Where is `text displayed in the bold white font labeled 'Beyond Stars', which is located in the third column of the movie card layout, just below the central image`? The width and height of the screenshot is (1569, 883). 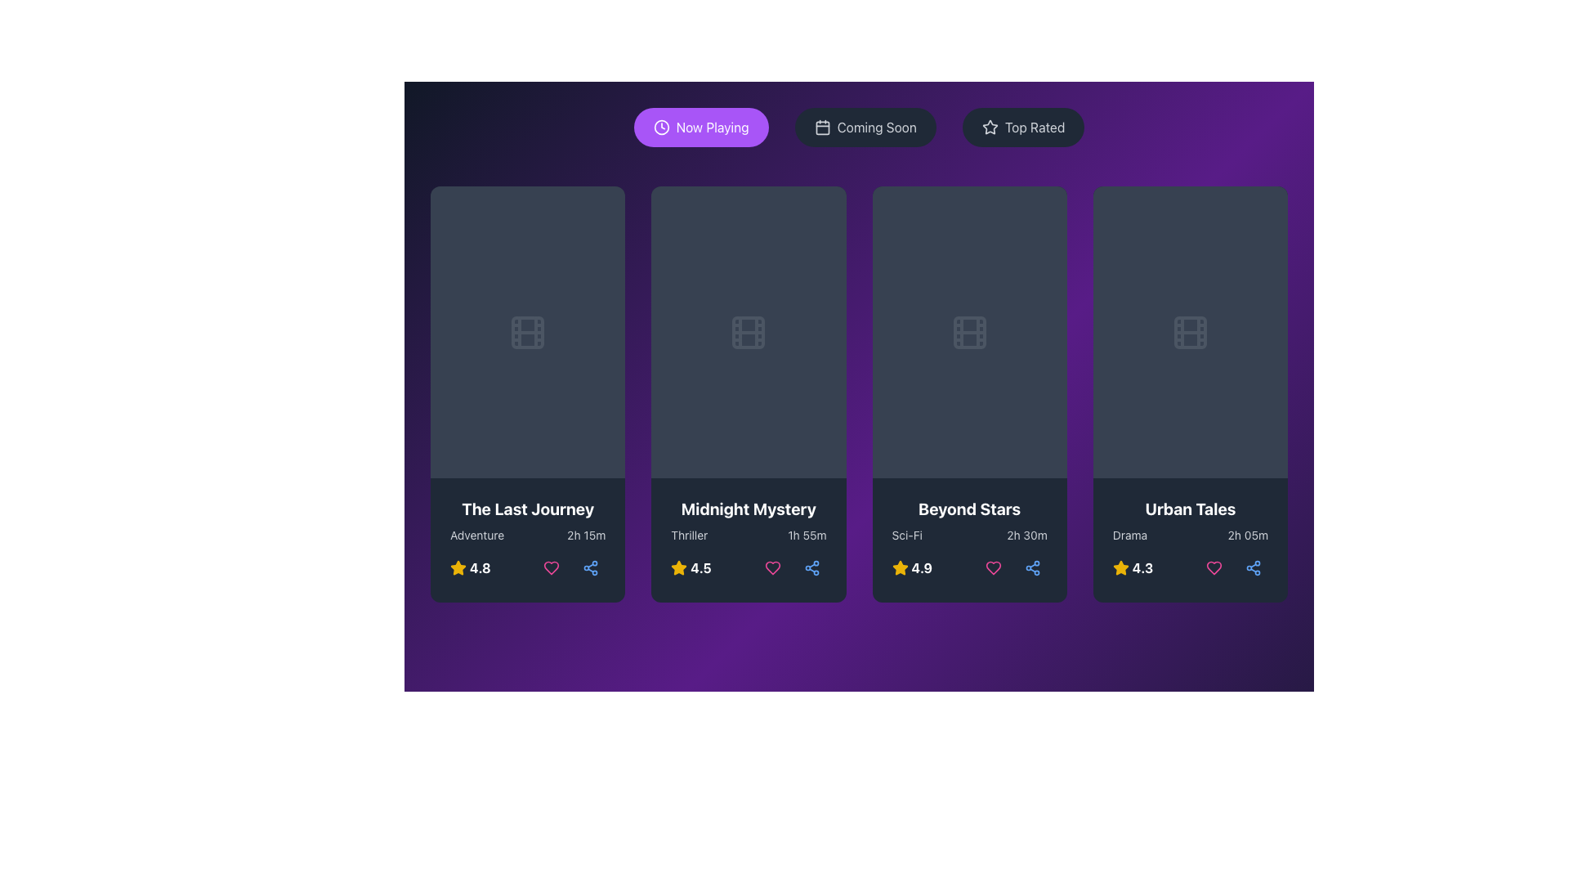 text displayed in the bold white font labeled 'Beyond Stars', which is located in the third column of the movie card layout, just below the central image is located at coordinates (969, 509).